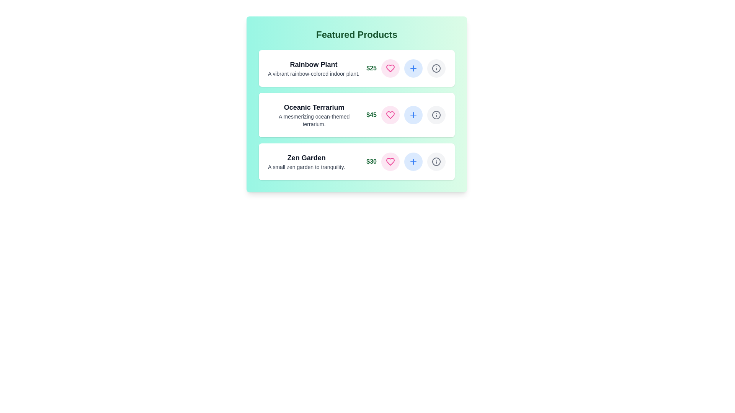 The height and width of the screenshot is (413, 735). Describe the element at coordinates (356, 68) in the screenshot. I see `the product card for Rainbow Plant` at that location.